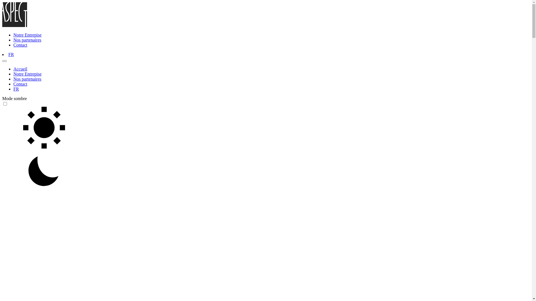 The height and width of the screenshot is (301, 536). Describe the element at coordinates (16, 89) in the screenshot. I see `'FR'` at that location.